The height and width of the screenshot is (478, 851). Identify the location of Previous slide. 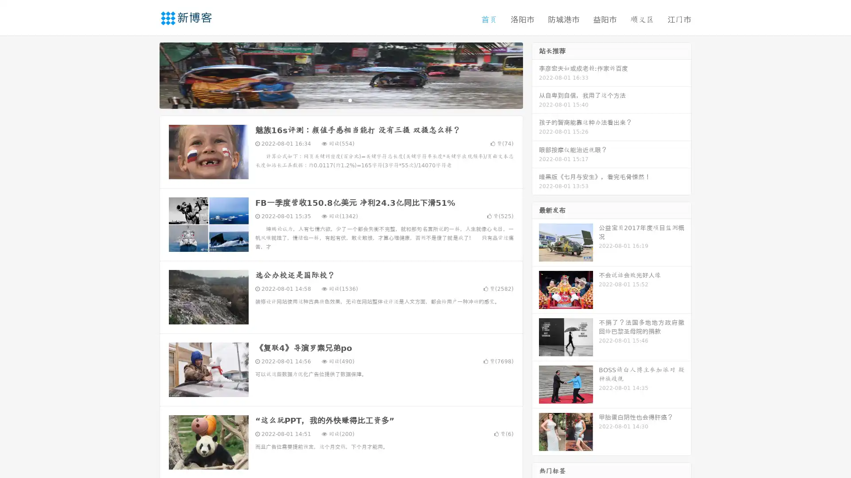
(146, 74).